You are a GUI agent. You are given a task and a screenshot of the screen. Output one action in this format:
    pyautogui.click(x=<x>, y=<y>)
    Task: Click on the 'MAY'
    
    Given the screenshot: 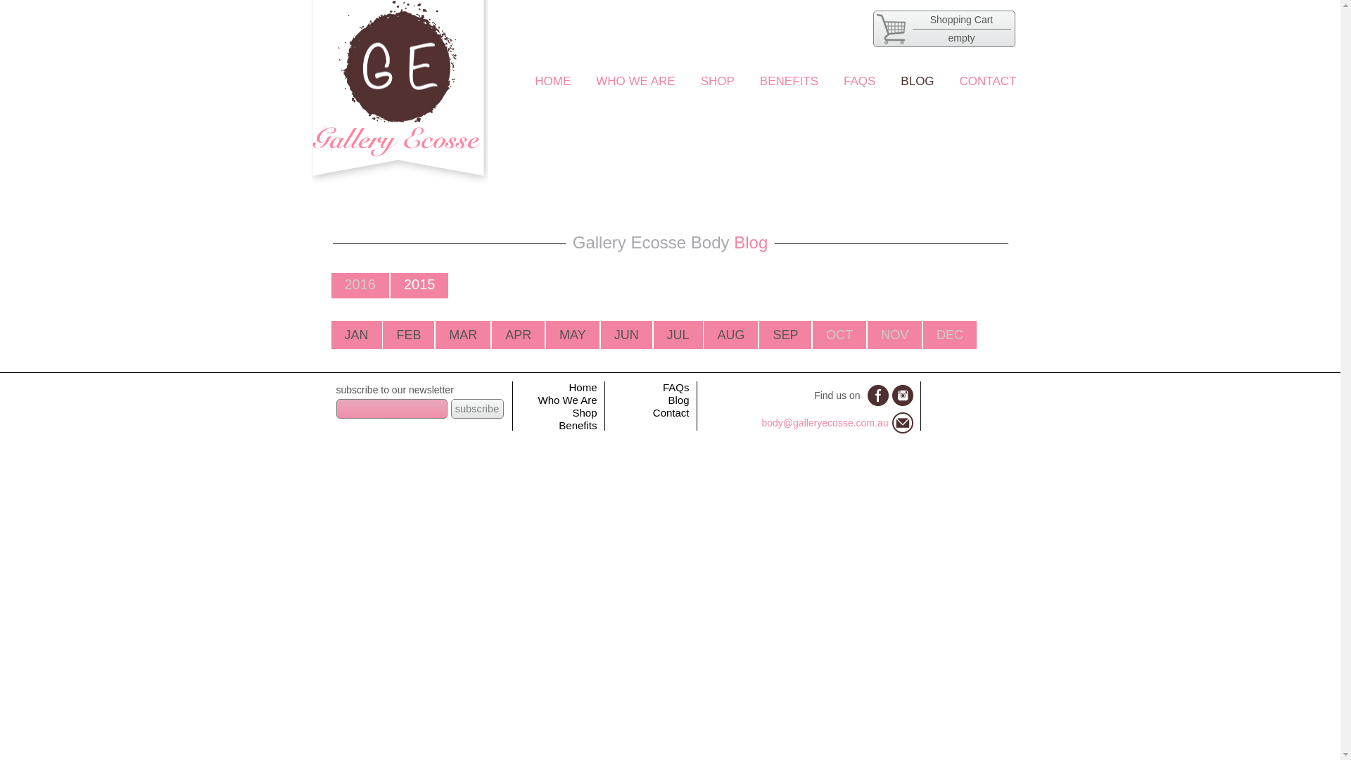 What is the action you would take?
    pyautogui.click(x=573, y=334)
    